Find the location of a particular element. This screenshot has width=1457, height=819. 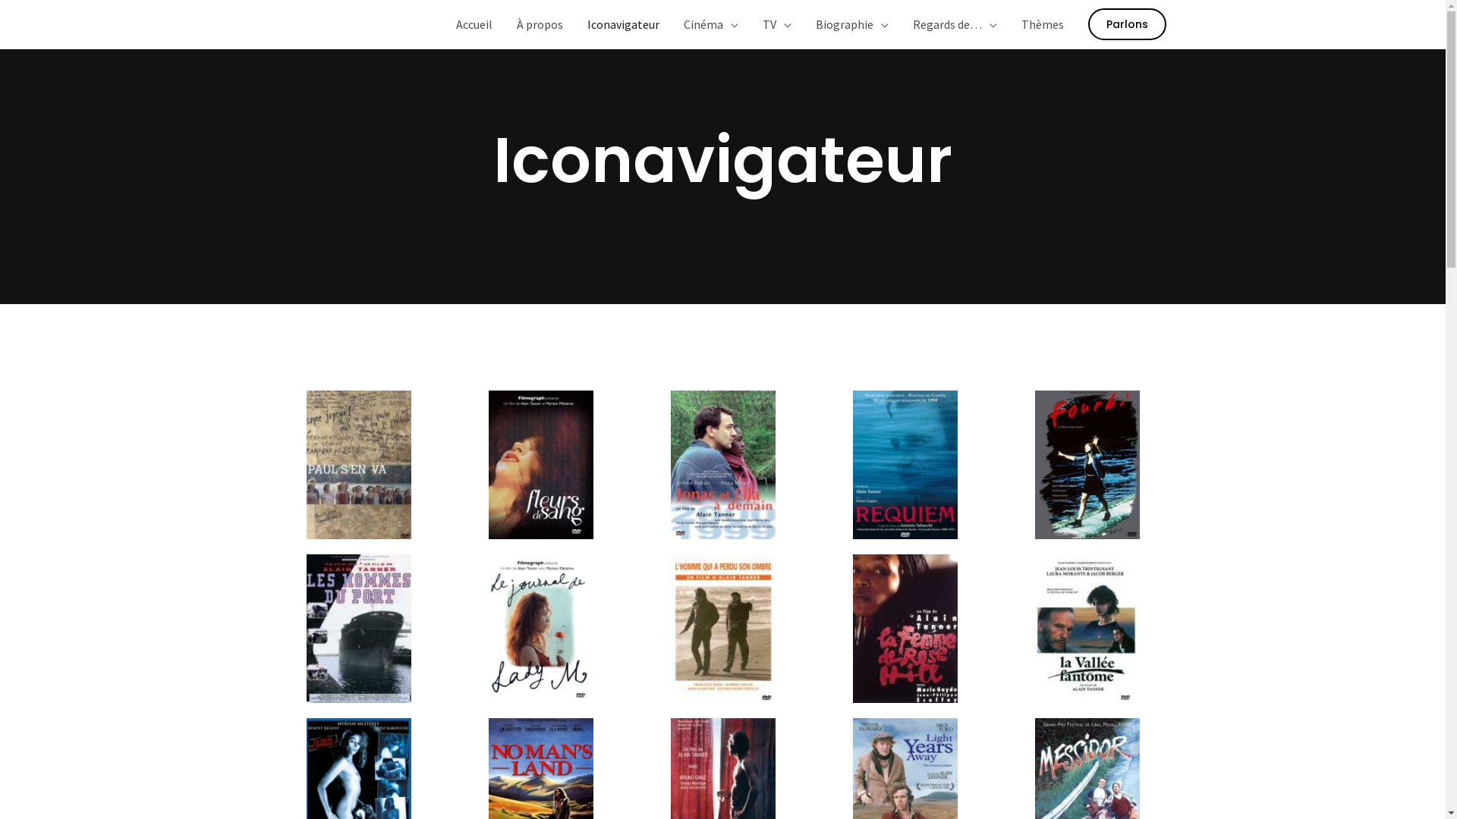

'TV' is located at coordinates (776, 24).